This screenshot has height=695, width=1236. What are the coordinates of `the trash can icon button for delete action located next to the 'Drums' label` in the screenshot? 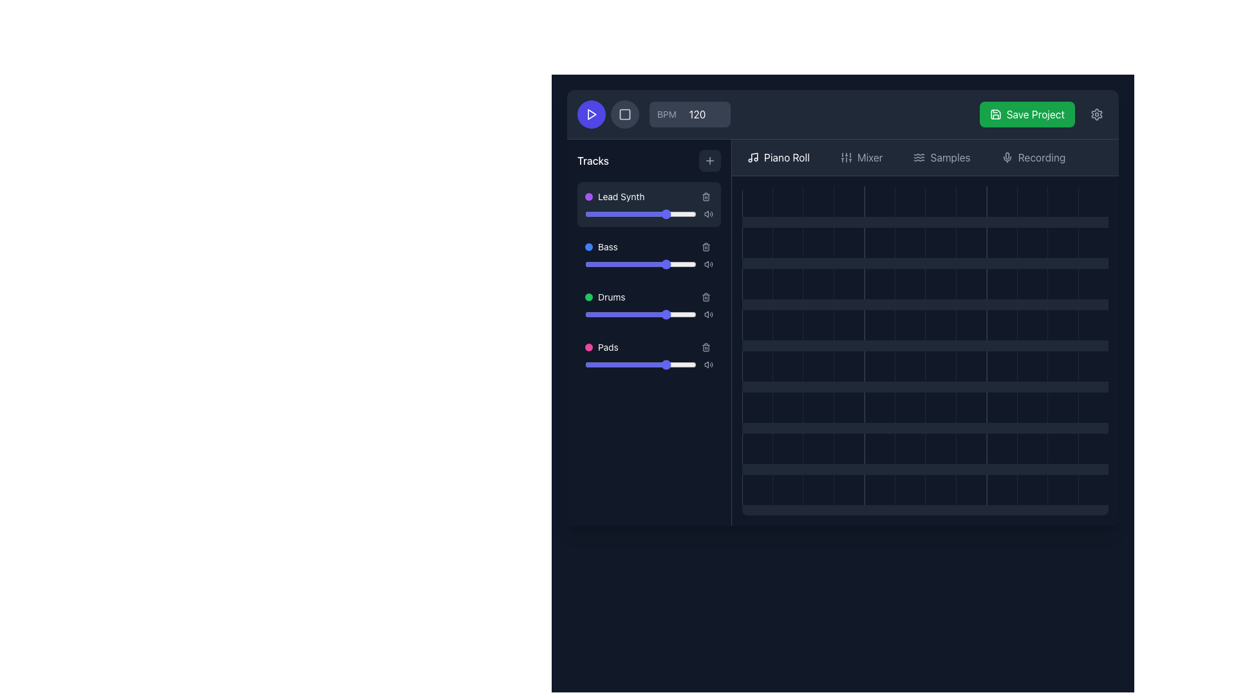 It's located at (706, 297).